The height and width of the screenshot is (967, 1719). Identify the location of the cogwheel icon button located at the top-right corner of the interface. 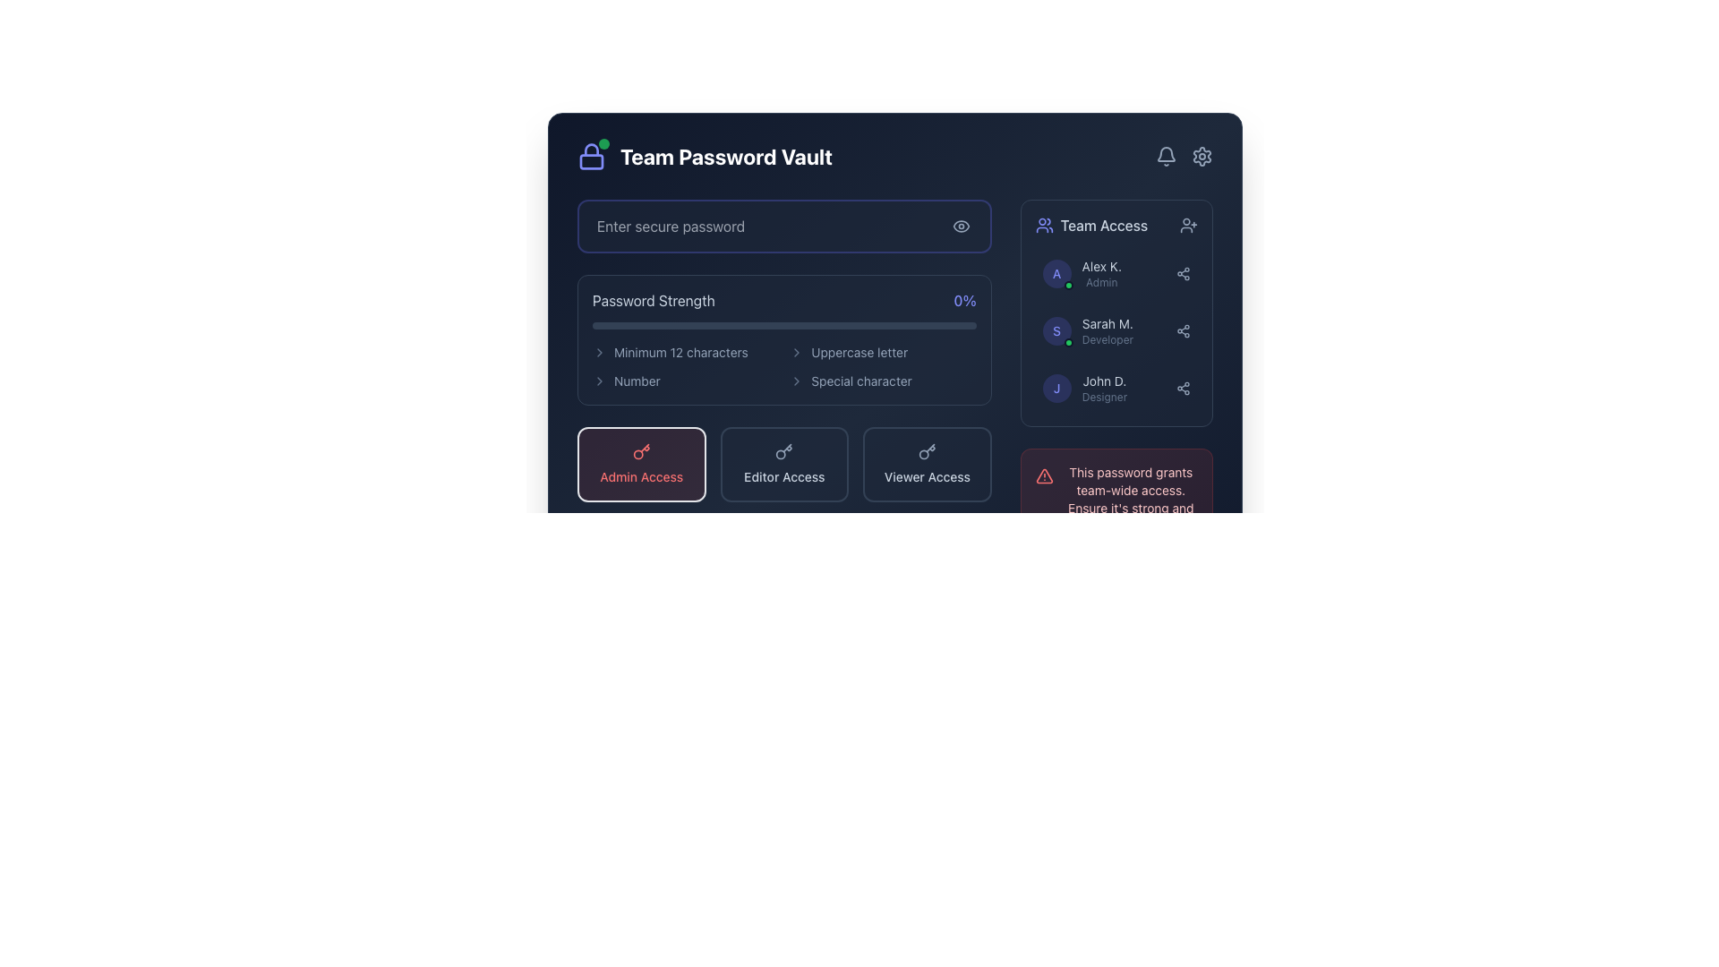
(1202, 155).